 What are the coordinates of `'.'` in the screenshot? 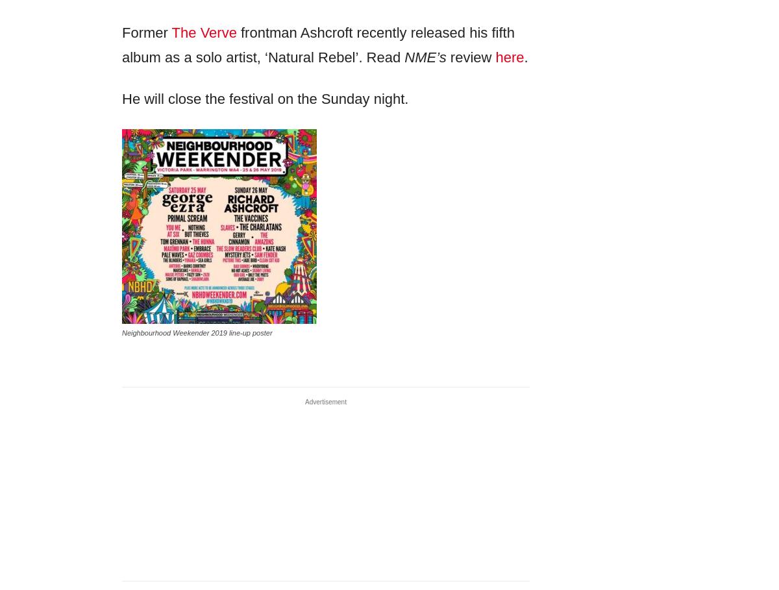 It's located at (525, 56).